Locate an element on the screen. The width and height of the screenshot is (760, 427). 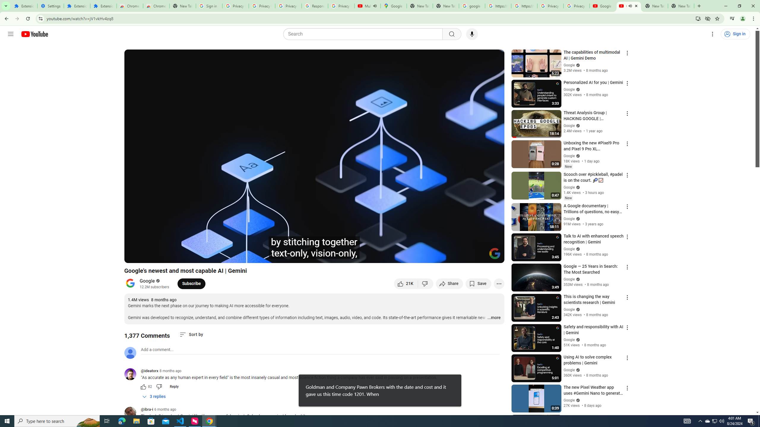
'Mute tab' is located at coordinates (630, 6).